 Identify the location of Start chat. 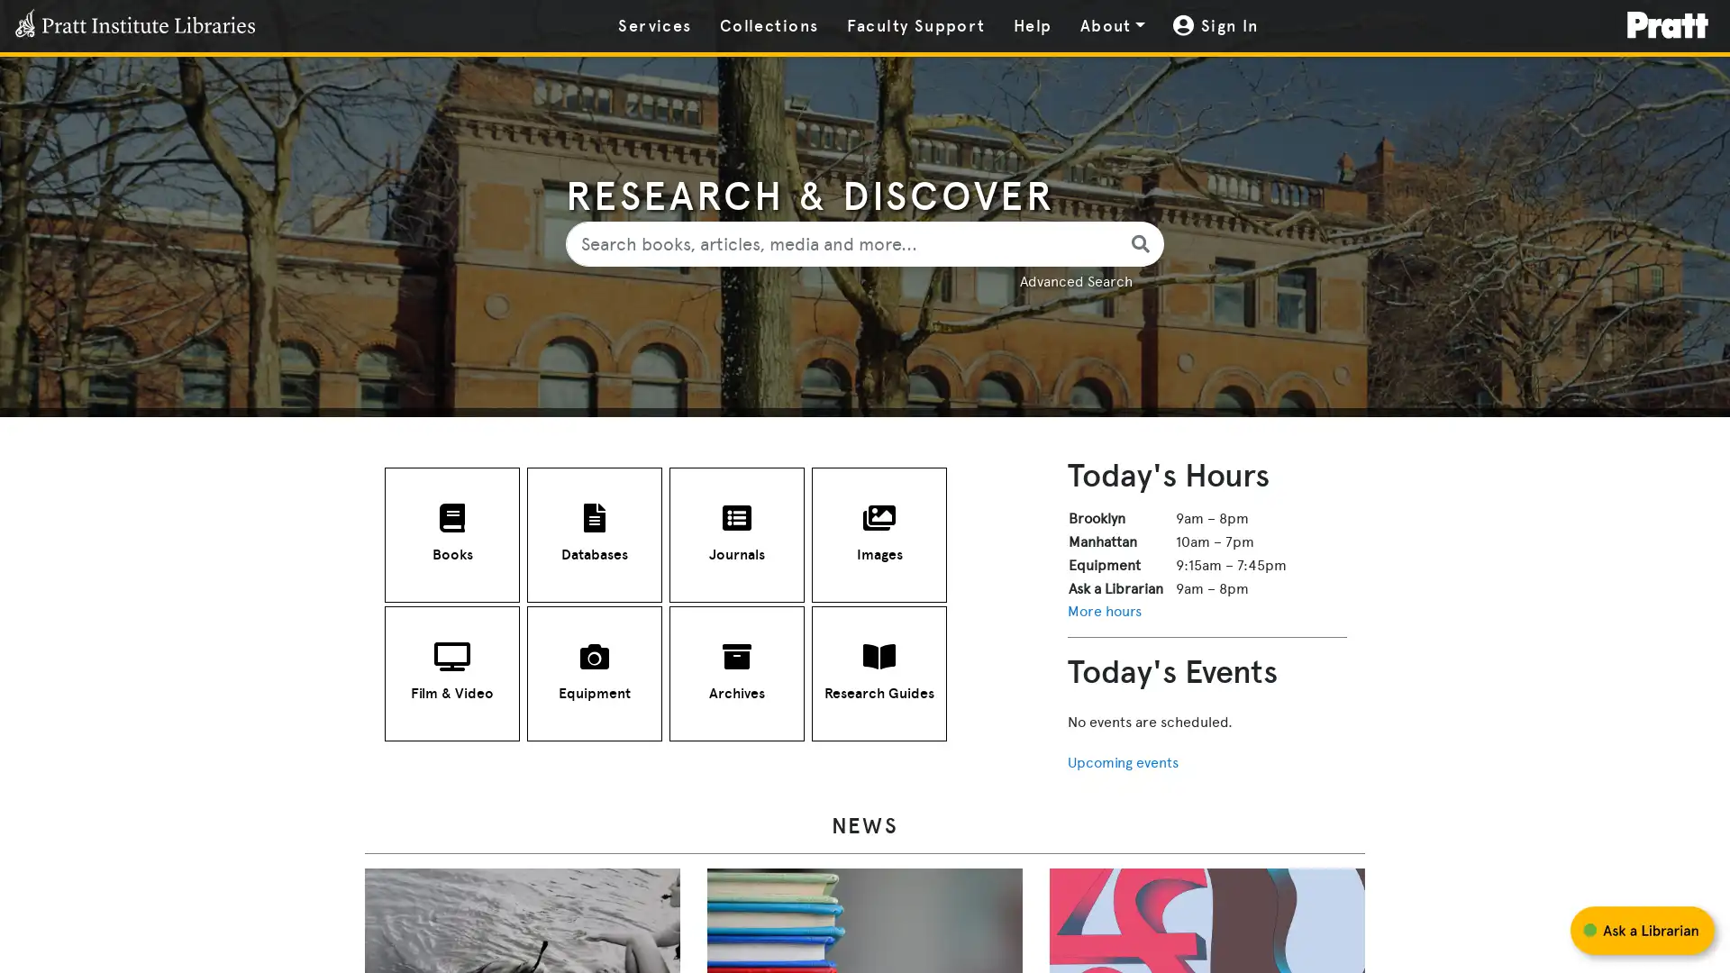
(1643, 931).